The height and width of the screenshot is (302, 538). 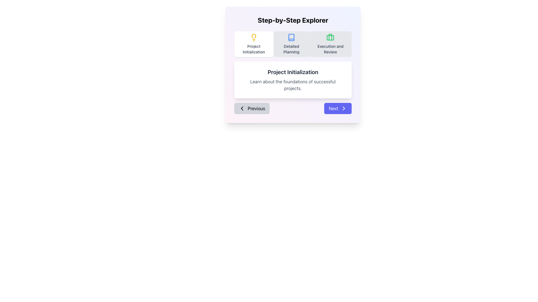 I want to click on the 'Execution and Review' text label, which serves as a caption for a selectable step on the rightmost side of a three-step process interface, so click(x=330, y=49).